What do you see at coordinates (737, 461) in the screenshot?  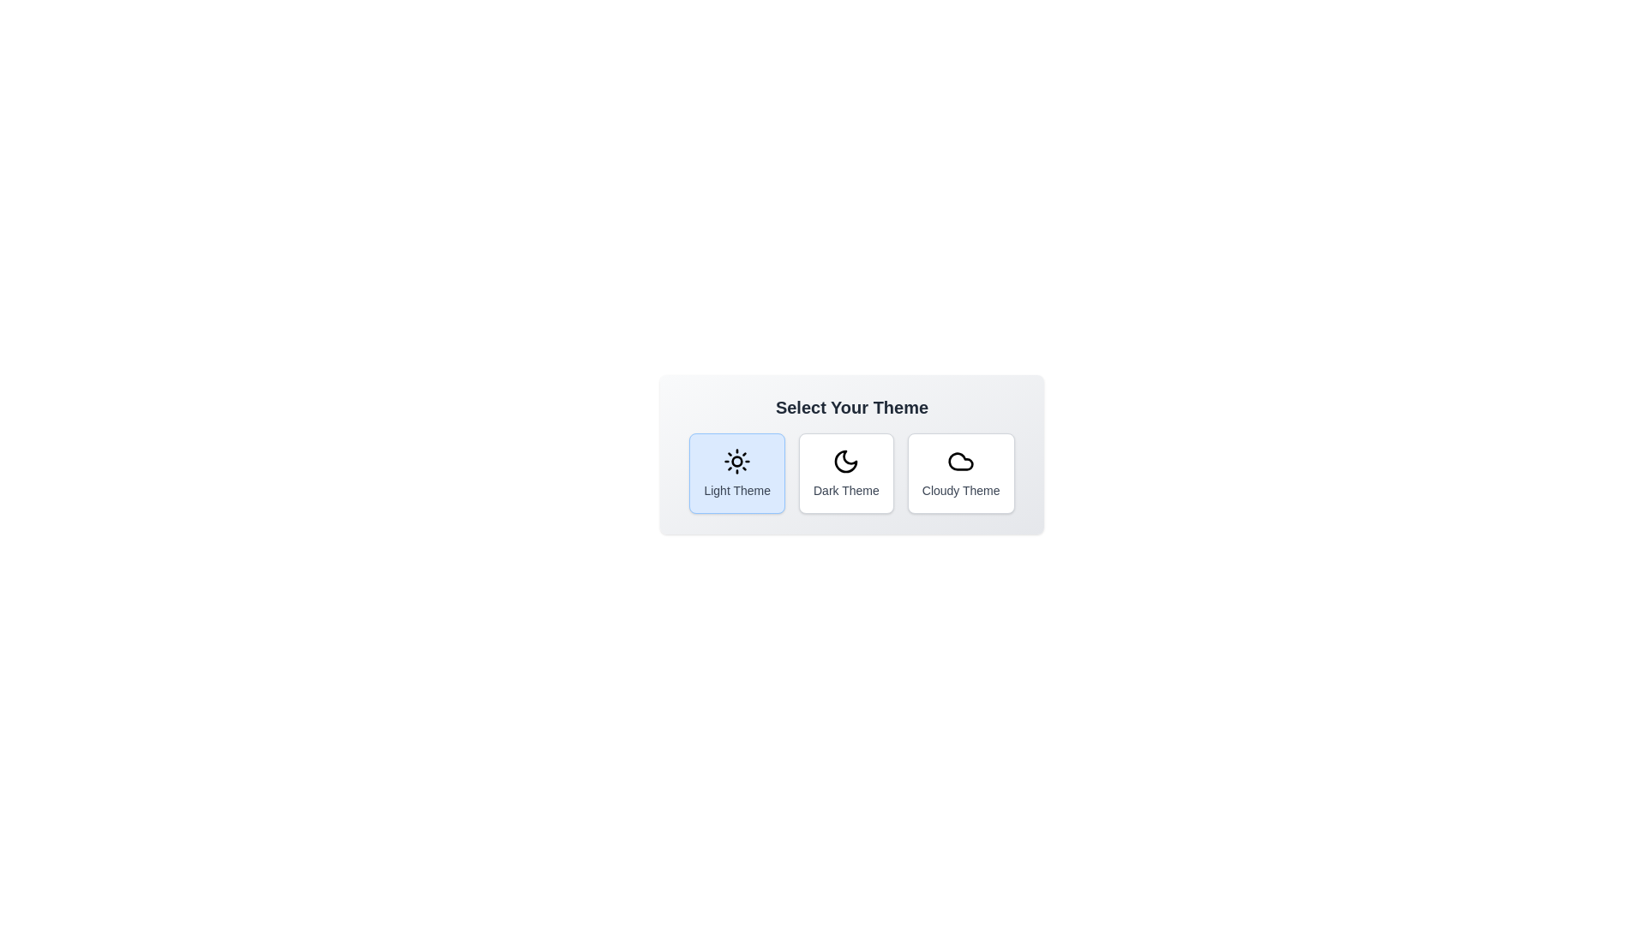 I see `the 'Light Theme' icon, which is the visual indicator for the light theme selection located at the center of its card, under the subtitle 'Select Your Theme'` at bounding box center [737, 461].